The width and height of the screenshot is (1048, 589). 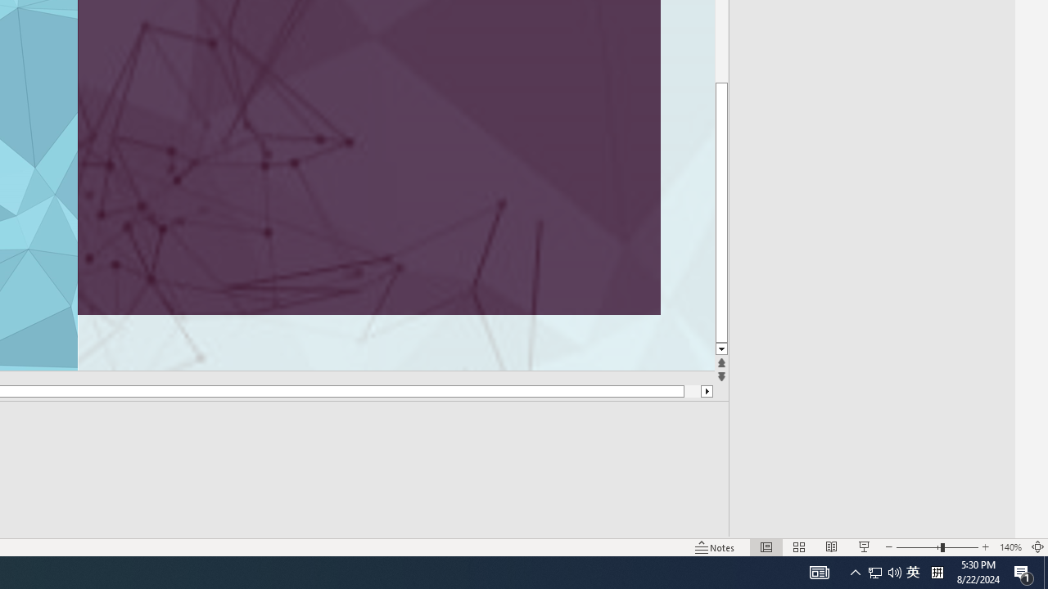 What do you see at coordinates (720, 348) in the screenshot?
I see `'Line down'` at bounding box center [720, 348].